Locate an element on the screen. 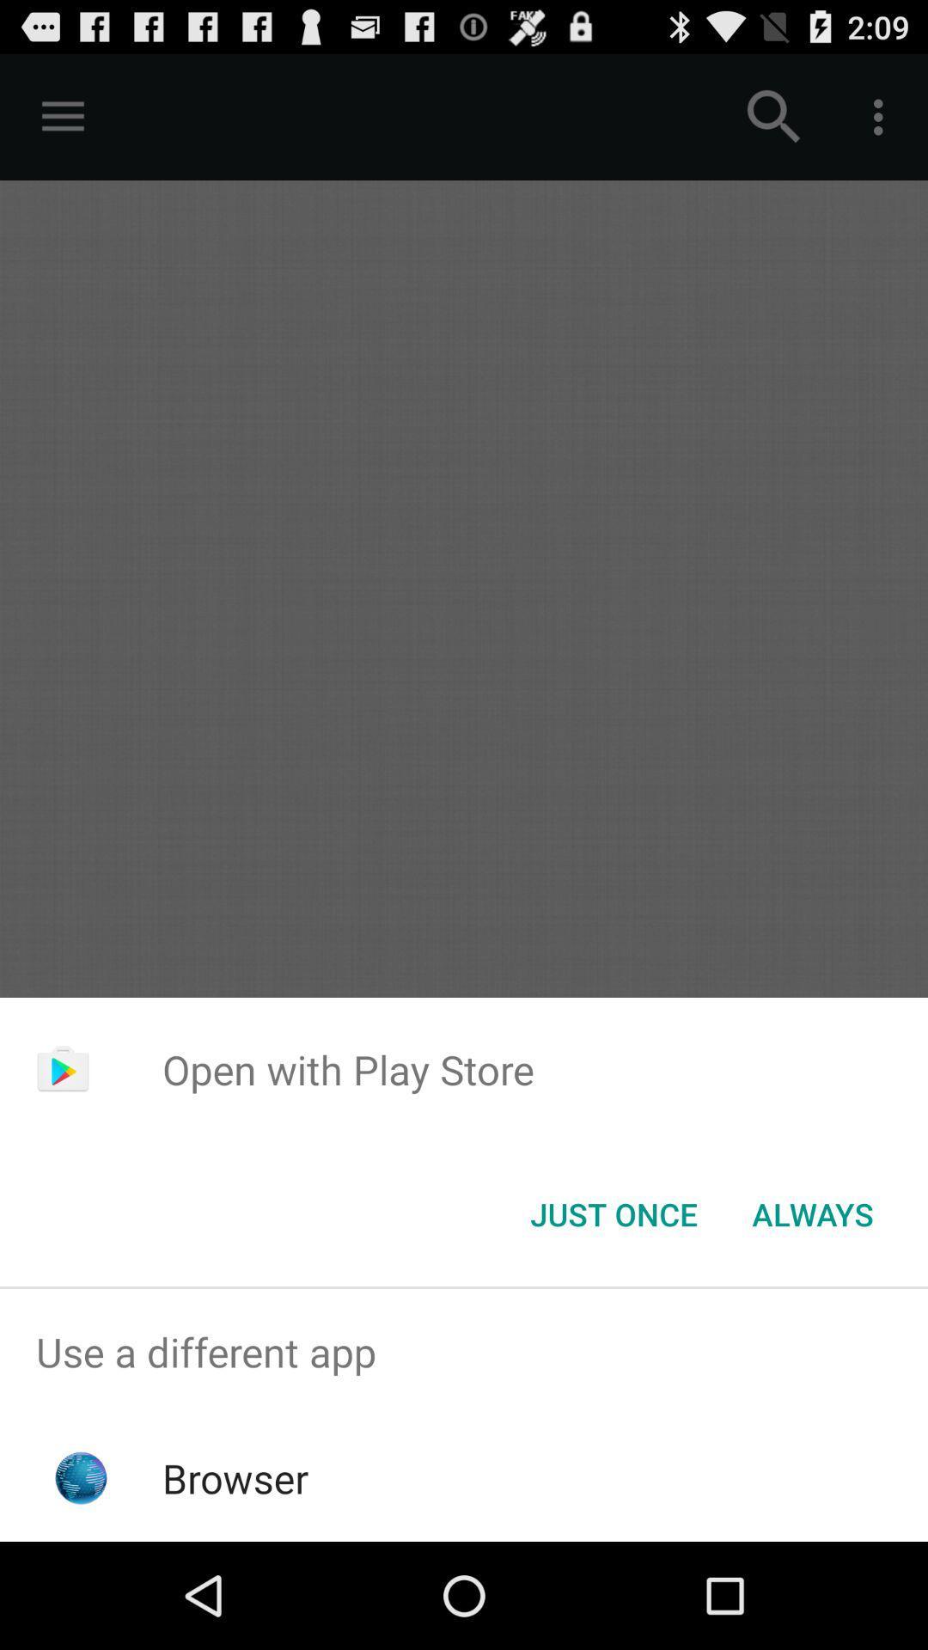 The image size is (928, 1650). browser is located at coordinates (235, 1477).